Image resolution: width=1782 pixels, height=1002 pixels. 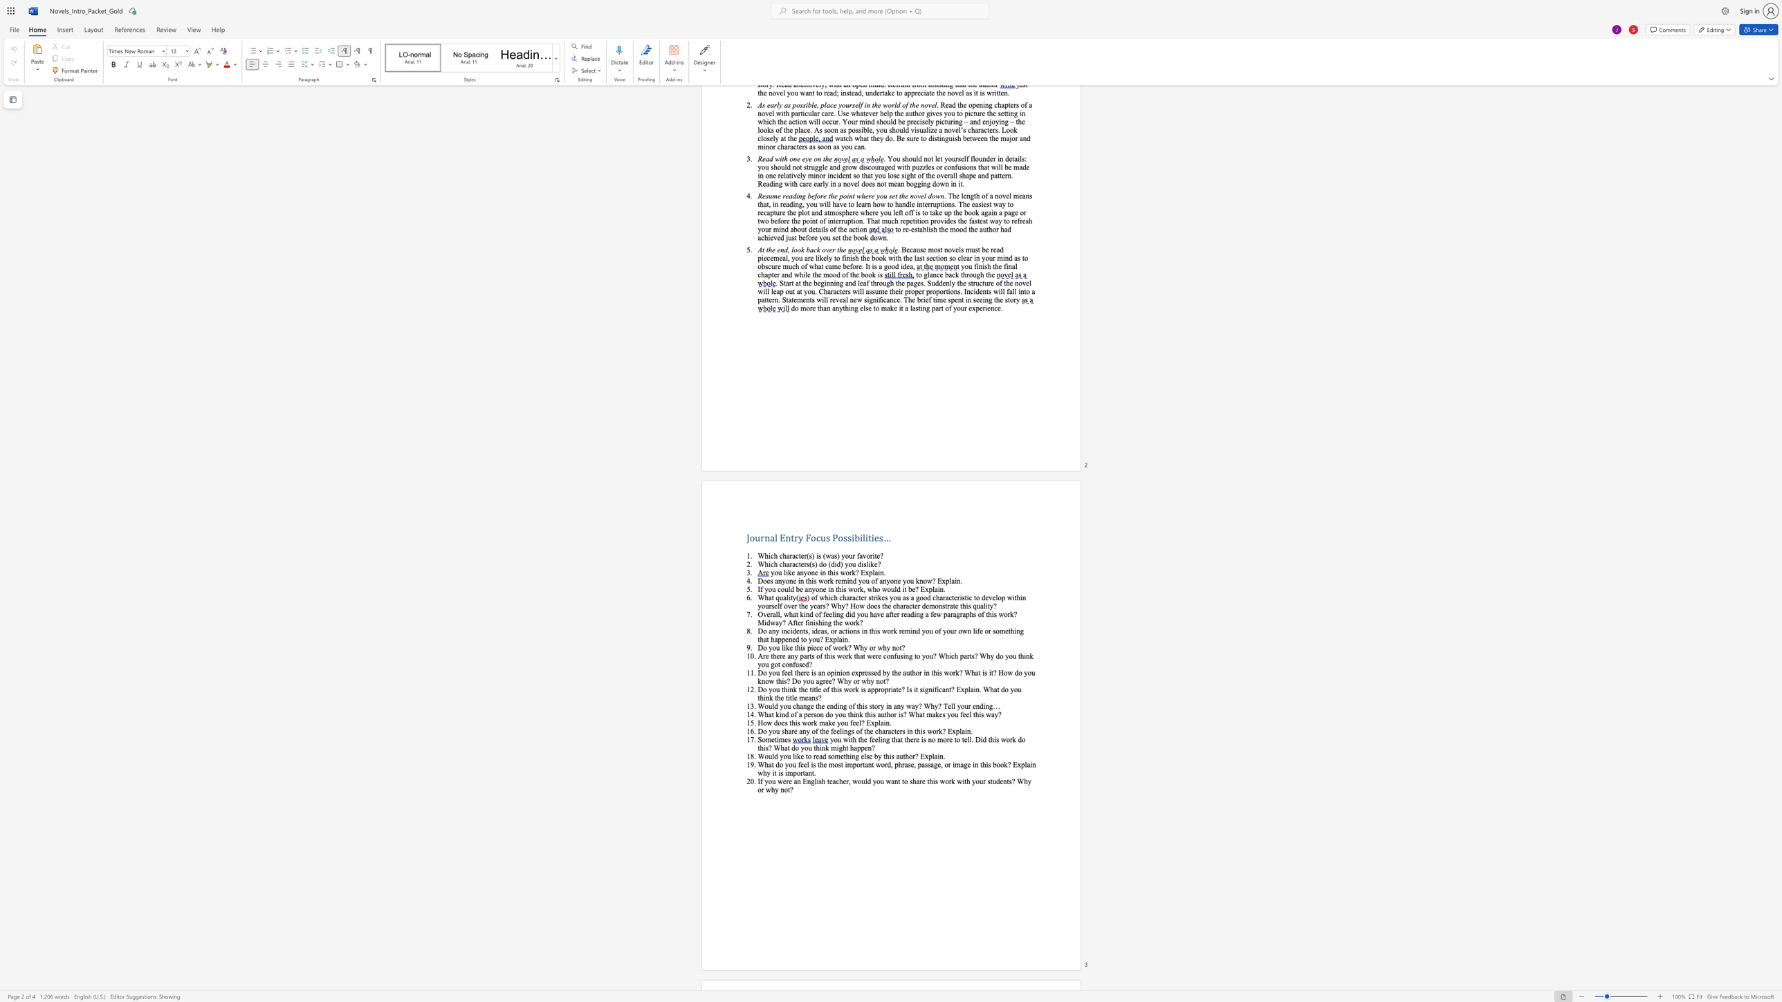 I want to click on the subset text "ithin yourself over the years? W" within the text ") of which character strikes you as a good characteristic to develop within yourself over the years? Why? How does the character", so click(x=1011, y=597).